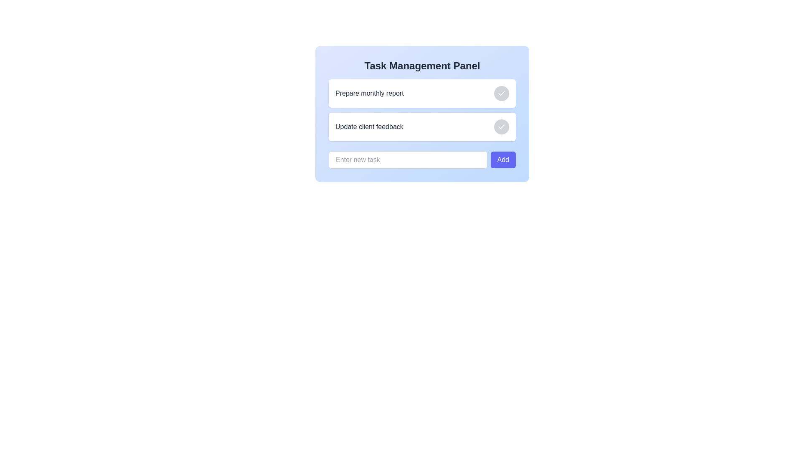 The image size is (802, 451). Describe the element at coordinates (422, 66) in the screenshot. I see `the text header labeled 'Task Management Panel', which is prominently displayed in bold, large dark gray font at the top of the panel` at that location.